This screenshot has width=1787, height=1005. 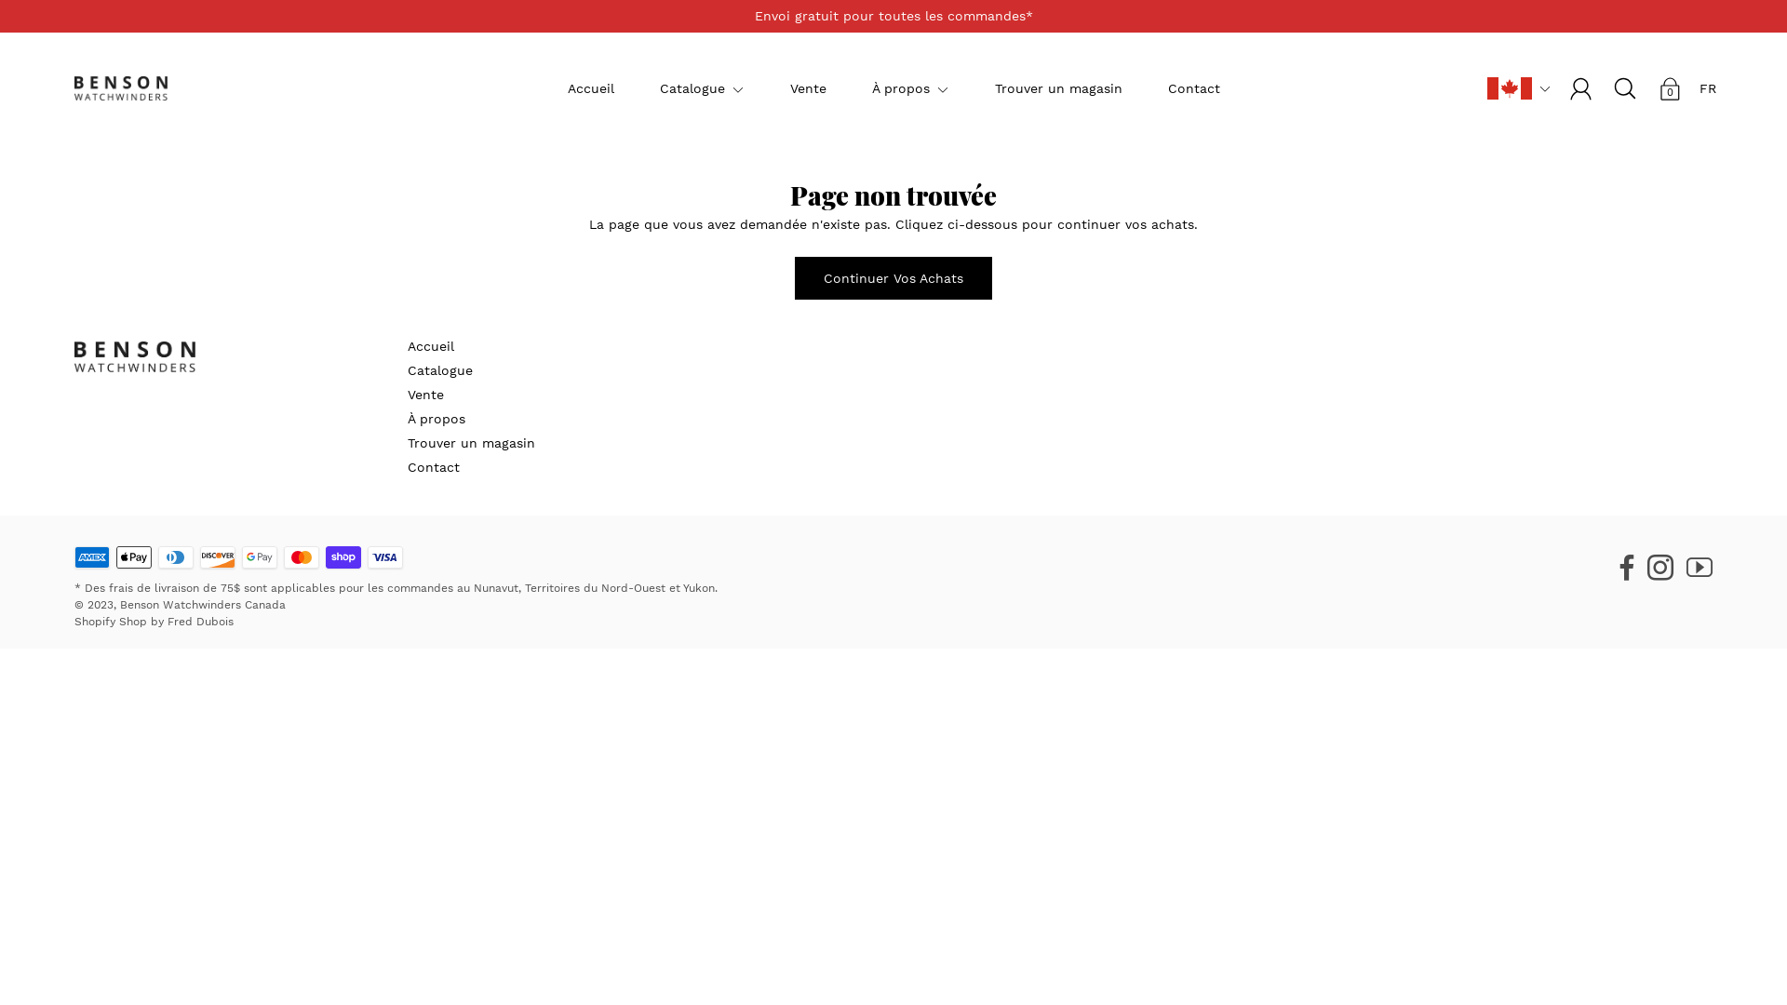 I want to click on 'Trouver un magasin', so click(x=406, y=442).